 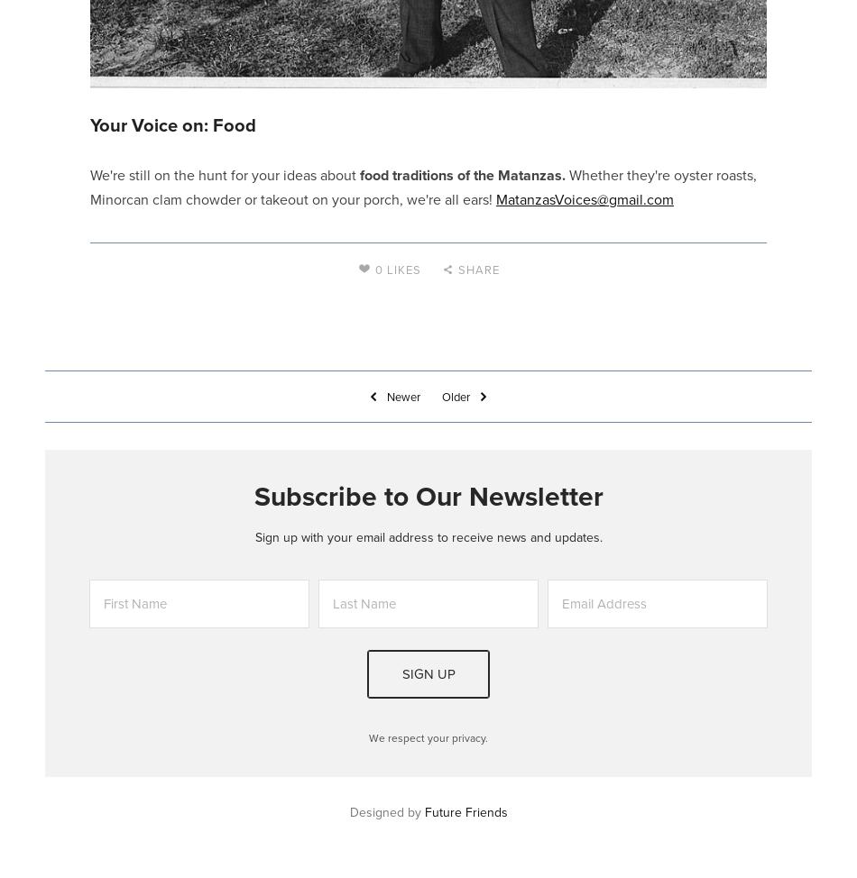 What do you see at coordinates (427, 496) in the screenshot?
I see `'Subscribe to Our Newsletter'` at bounding box center [427, 496].